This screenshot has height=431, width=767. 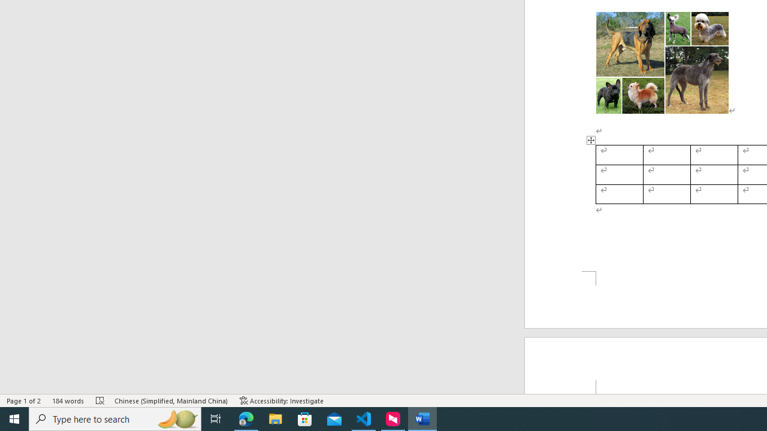 What do you see at coordinates (662, 63) in the screenshot?
I see `'Morphological variation in six dogs'` at bounding box center [662, 63].